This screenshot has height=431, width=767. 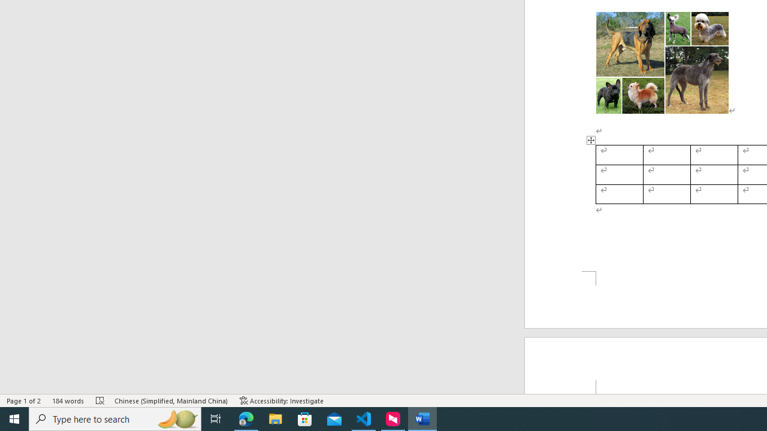 What do you see at coordinates (662, 63) in the screenshot?
I see `'Morphological variation in six dogs'` at bounding box center [662, 63].